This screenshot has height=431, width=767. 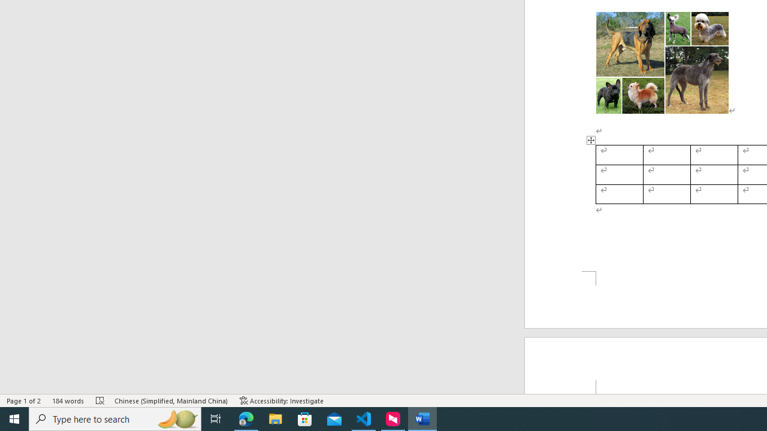 What do you see at coordinates (662, 63) in the screenshot?
I see `'Morphological variation in six dogs'` at bounding box center [662, 63].